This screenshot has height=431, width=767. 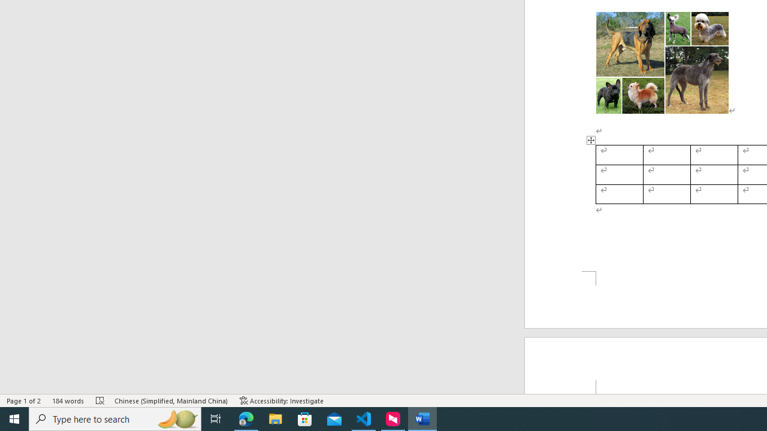 What do you see at coordinates (662, 63) in the screenshot?
I see `'Morphological variation in six dogs'` at bounding box center [662, 63].